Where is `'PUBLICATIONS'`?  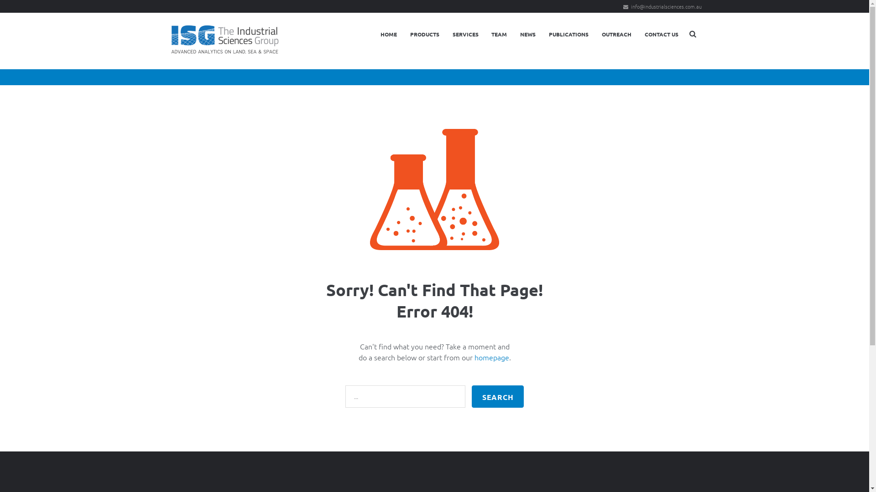 'PUBLICATIONS' is located at coordinates (568, 34).